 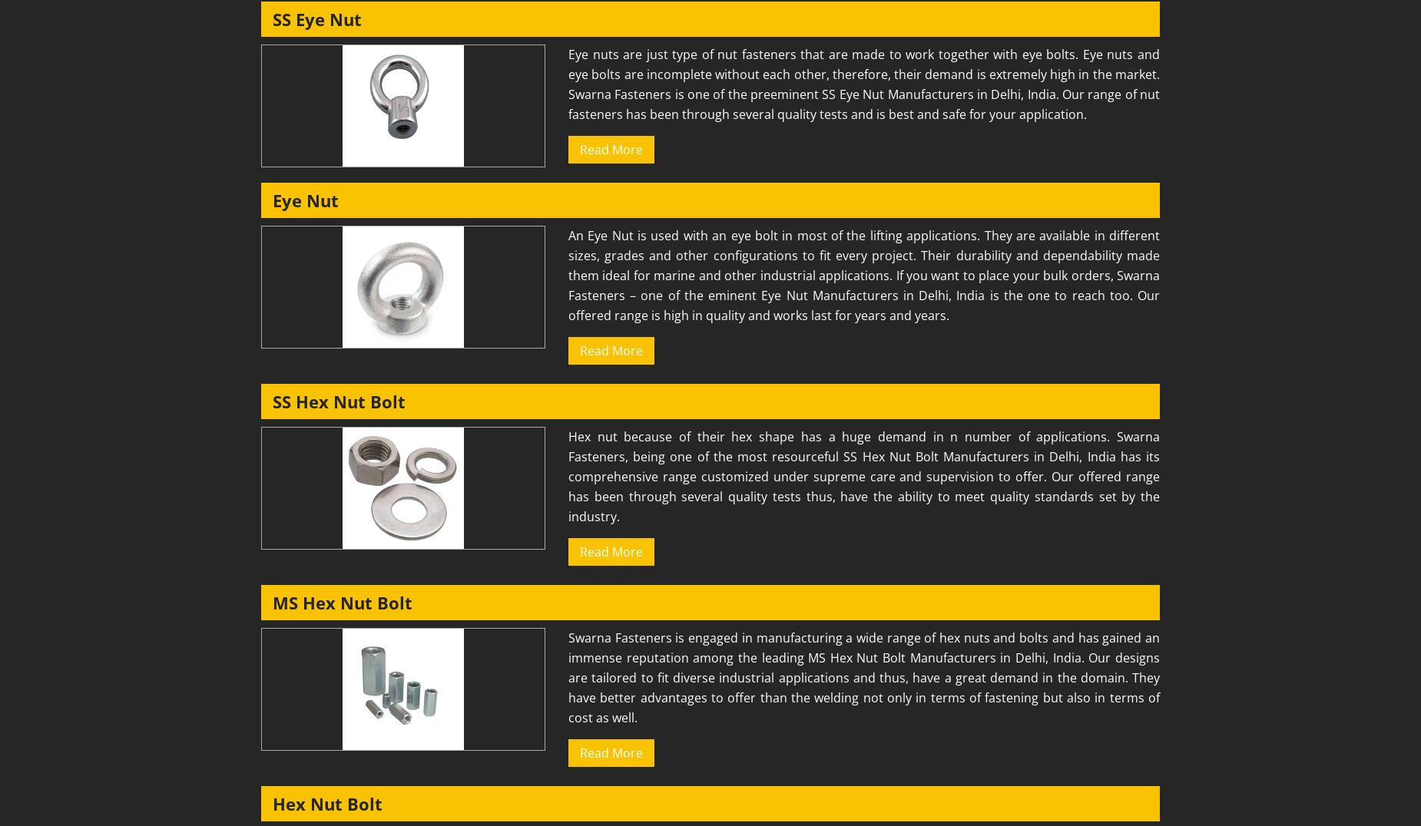 I want to click on 'An Eye Nut is used with an eye bolt in most of the lifting applications. They are available in different sizes, grades and other configurations to fit every project. Their durability and dependability made them ideal for marine and other industrial applications. If you want to place your bulk orders, Swarna Fasteners – one of the eminent Eye Nut Manufacturers in Delhi, India is the one to reach too. Our offered range is high in quality and works last for years and years.', so click(x=863, y=275).